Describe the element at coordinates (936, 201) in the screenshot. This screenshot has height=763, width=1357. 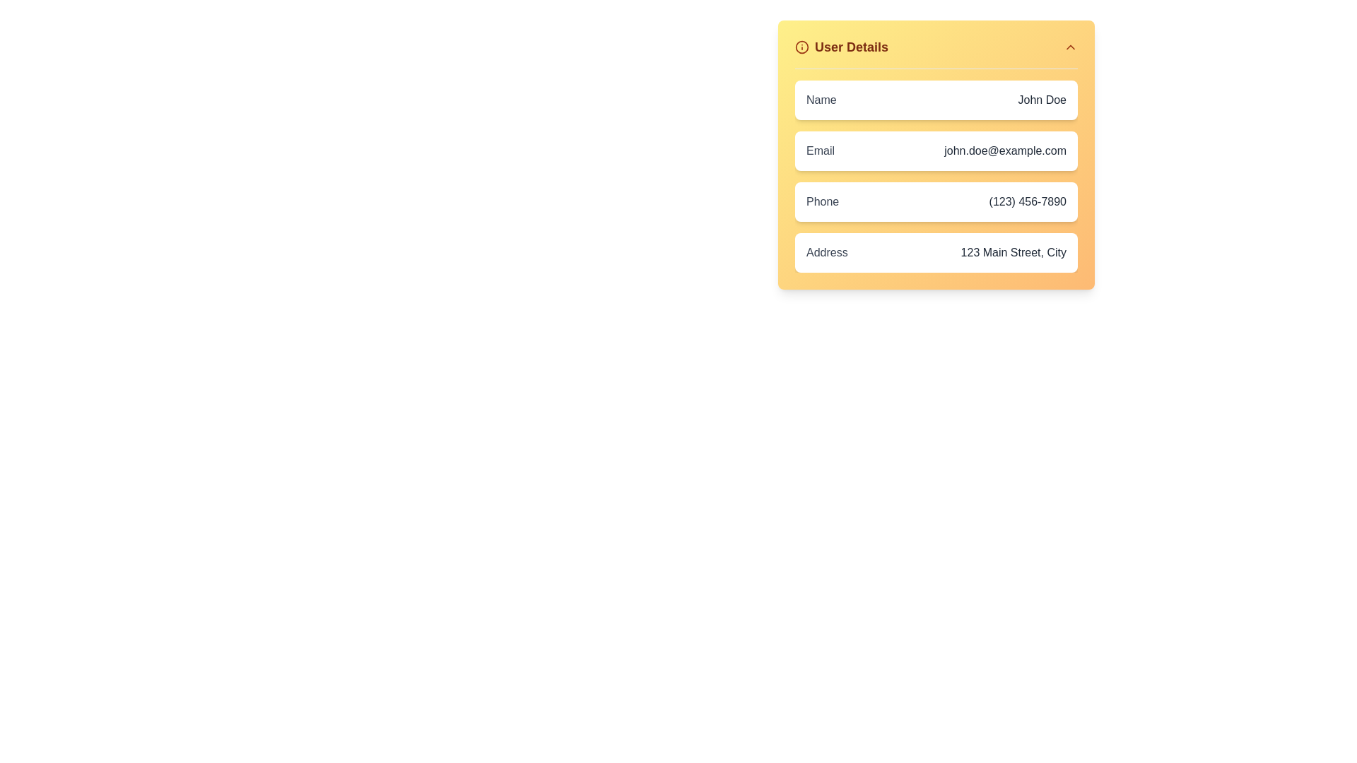
I see `information displayed in the information box containing 'Phone' and the phone number '(123) 456-7890', which is the third box in the vertical list below 'Email'` at that location.